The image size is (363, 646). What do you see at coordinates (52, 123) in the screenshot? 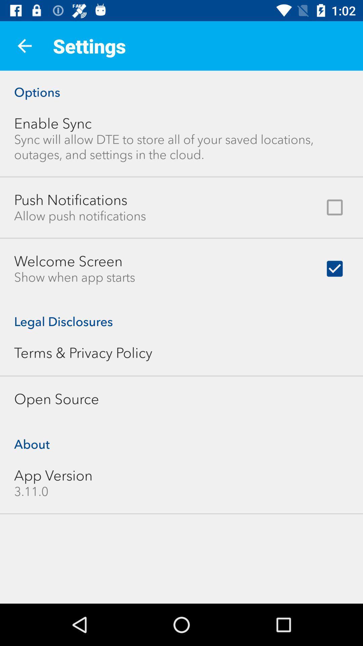
I see `item below options` at bounding box center [52, 123].